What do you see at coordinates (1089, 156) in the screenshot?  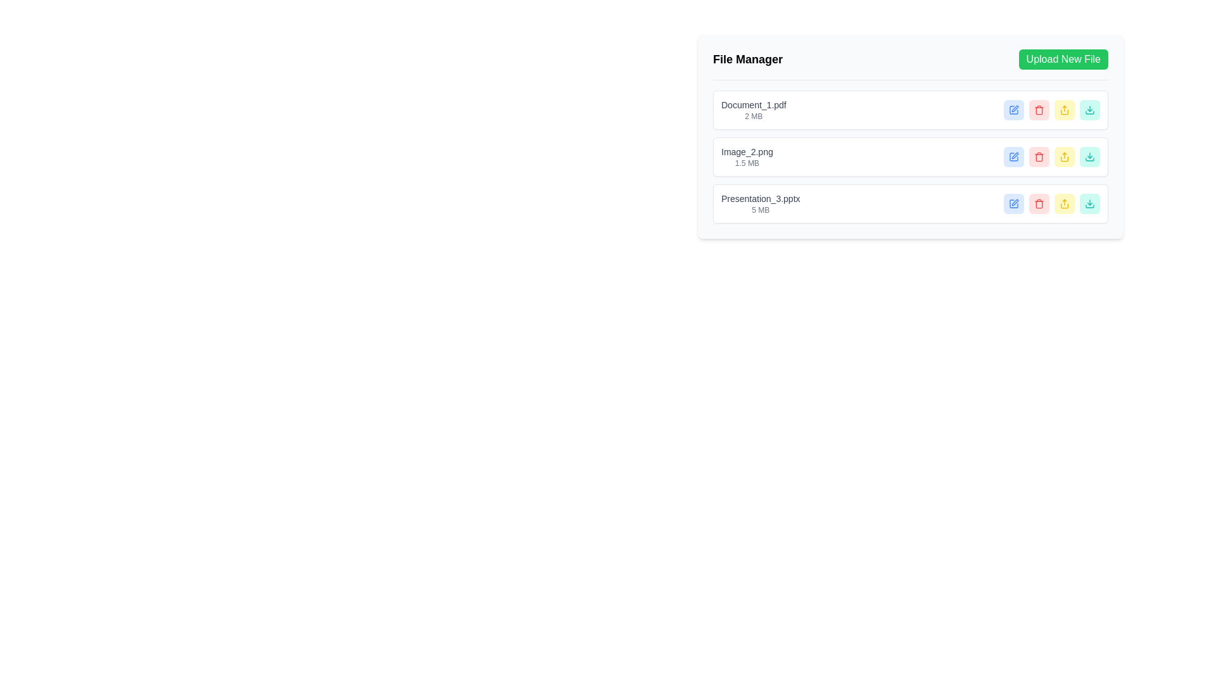 I see `the teal outlined download icon button, which is part of the 'File Manager' interface, located next to the red trash and yellow upload icons` at bounding box center [1089, 156].